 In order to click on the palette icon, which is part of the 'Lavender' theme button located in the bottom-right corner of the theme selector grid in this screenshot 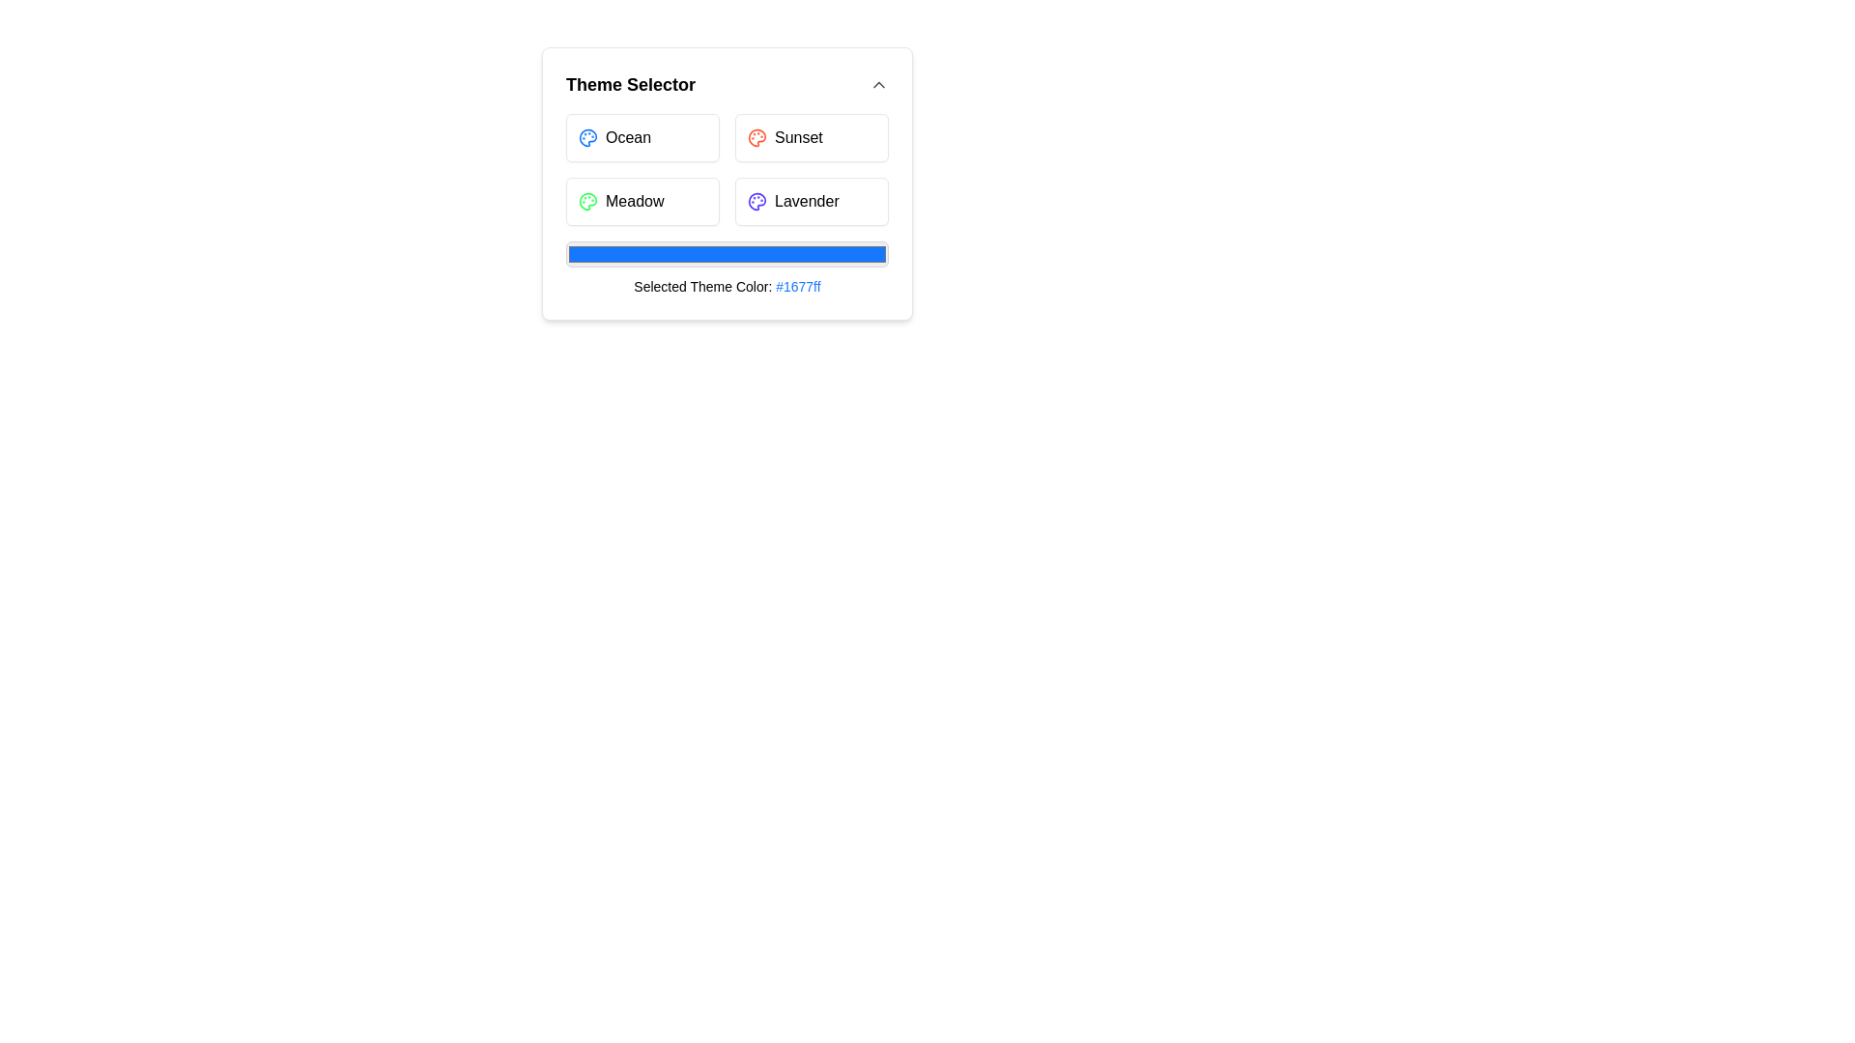, I will do `click(756, 201)`.